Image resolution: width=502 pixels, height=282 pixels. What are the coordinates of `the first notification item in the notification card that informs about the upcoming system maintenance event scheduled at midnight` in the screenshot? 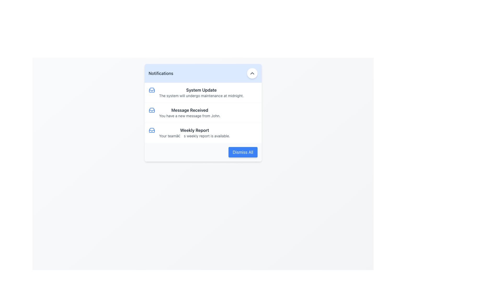 It's located at (201, 92).